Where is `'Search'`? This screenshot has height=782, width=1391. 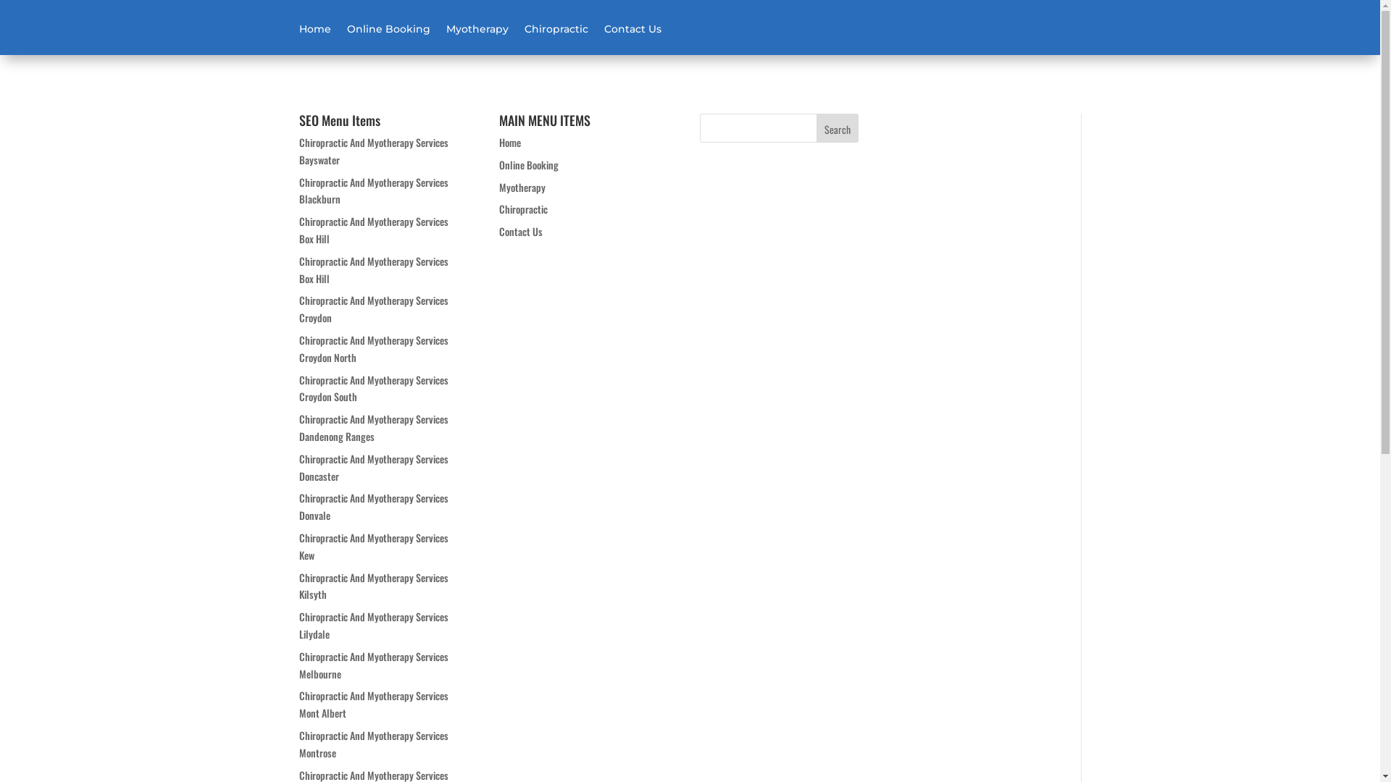 'Search' is located at coordinates (837, 127).